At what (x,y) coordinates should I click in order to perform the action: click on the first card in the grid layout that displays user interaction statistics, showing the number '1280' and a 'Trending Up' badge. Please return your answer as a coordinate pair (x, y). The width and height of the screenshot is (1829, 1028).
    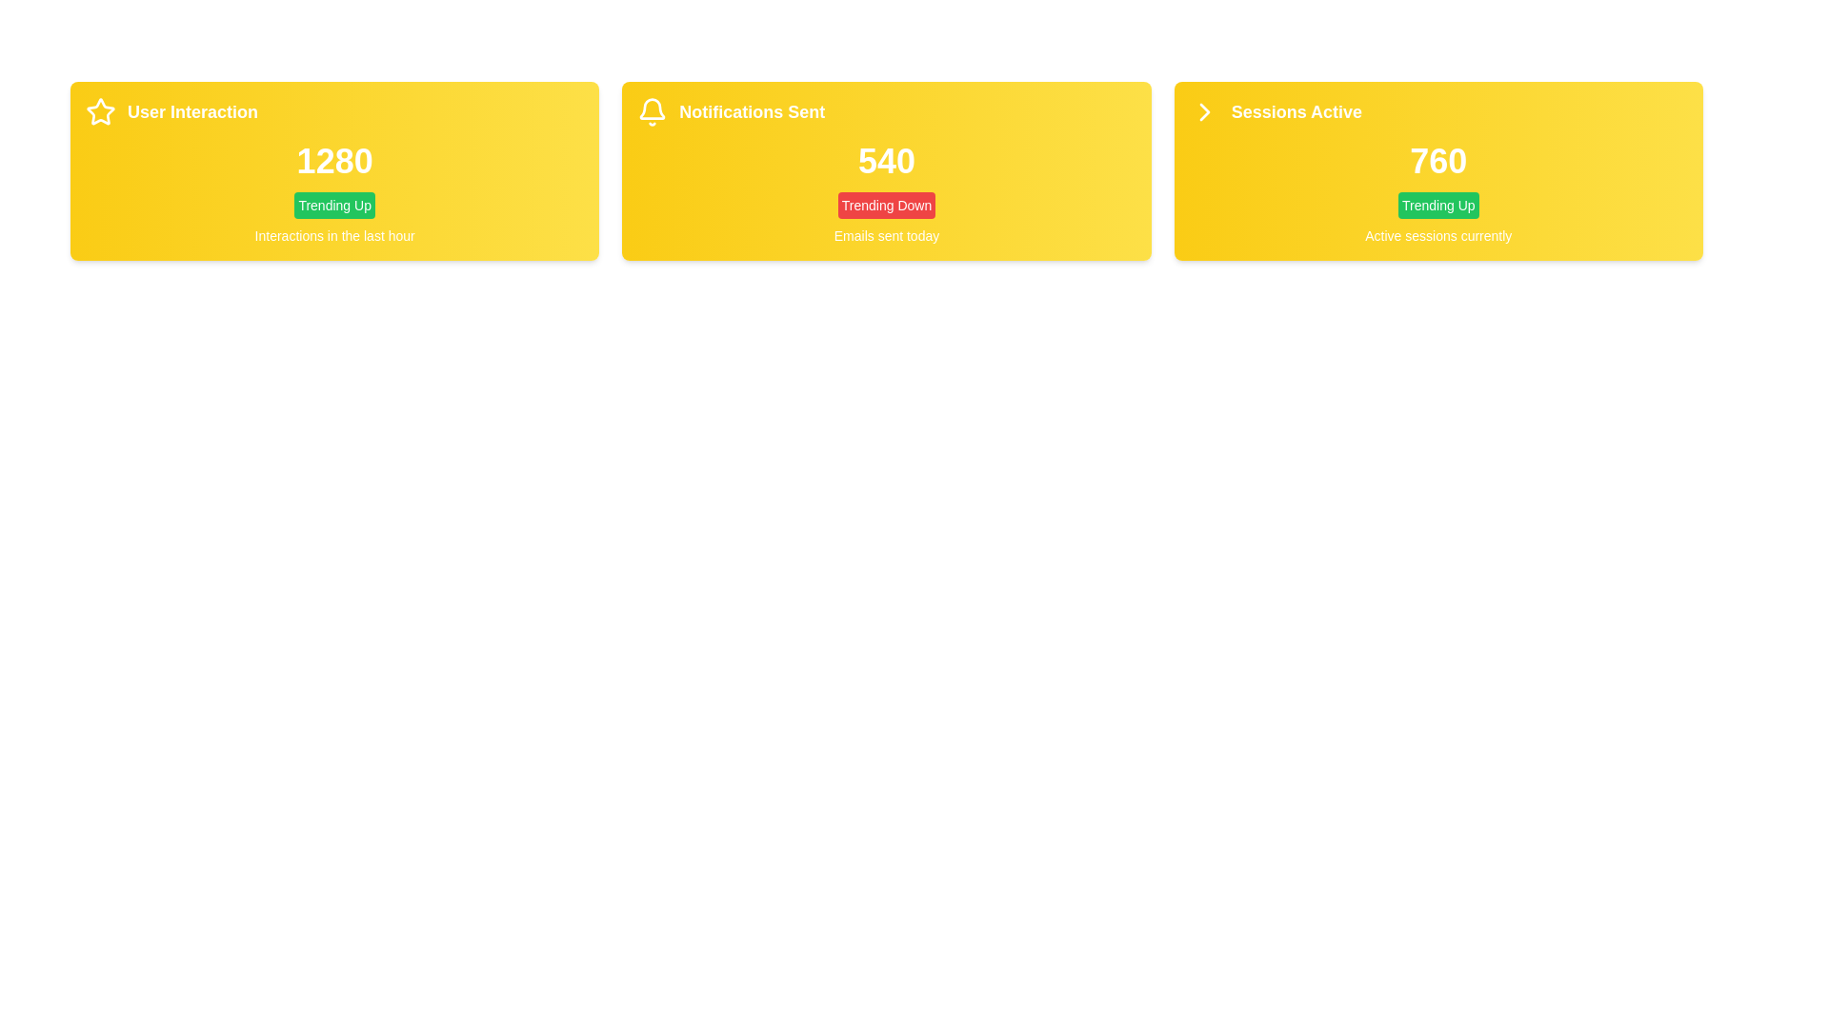
    Looking at the image, I should click on (334, 171).